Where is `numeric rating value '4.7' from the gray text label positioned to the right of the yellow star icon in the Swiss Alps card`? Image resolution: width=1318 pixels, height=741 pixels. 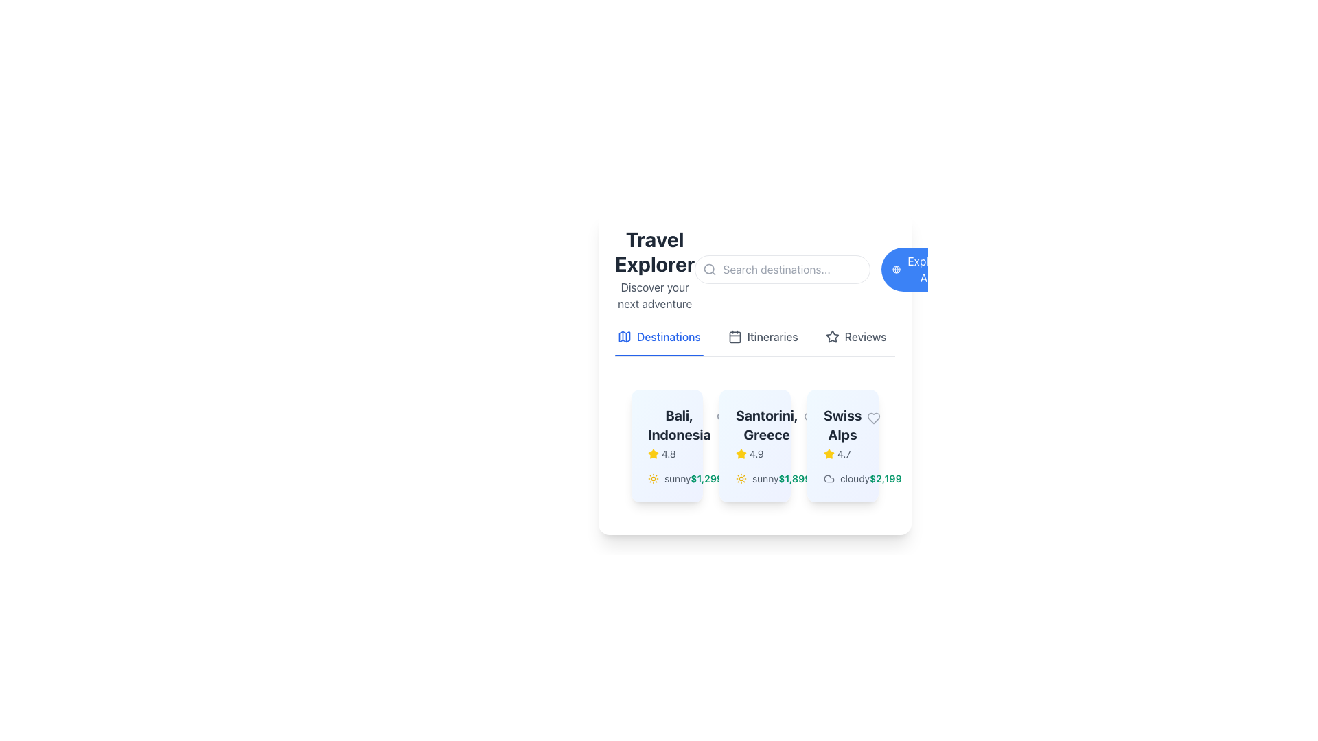
numeric rating value '4.7' from the gray text label positioned to the right of the yellow star icon in the Swiss Alps card is located at coordinates (843, 454).